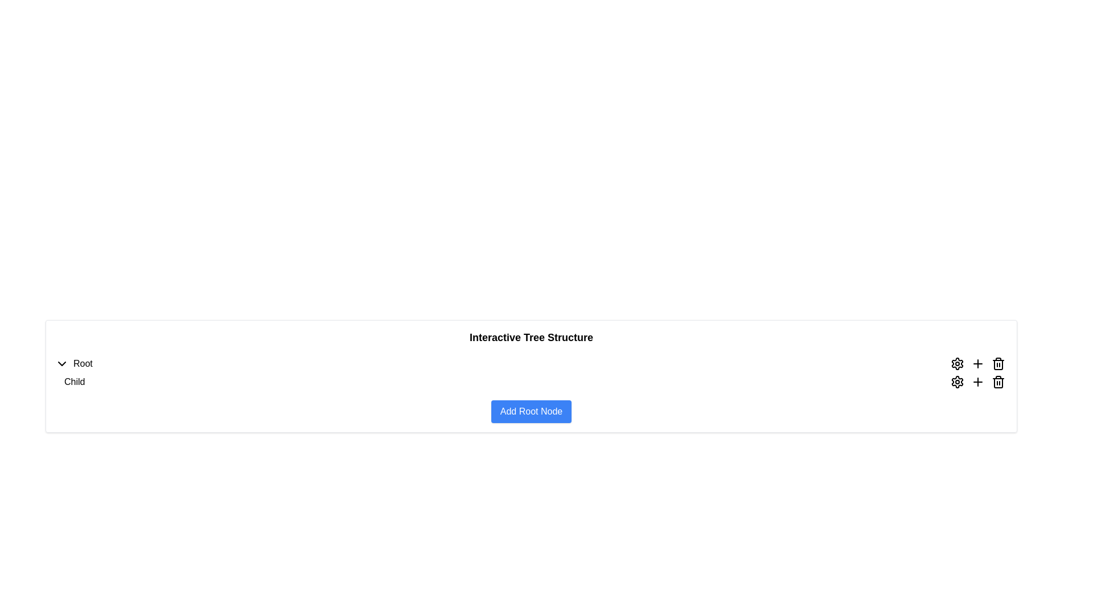  I want to click on the button located at the center of the upper row of buttons in the right-side control group, so click(977, 364).